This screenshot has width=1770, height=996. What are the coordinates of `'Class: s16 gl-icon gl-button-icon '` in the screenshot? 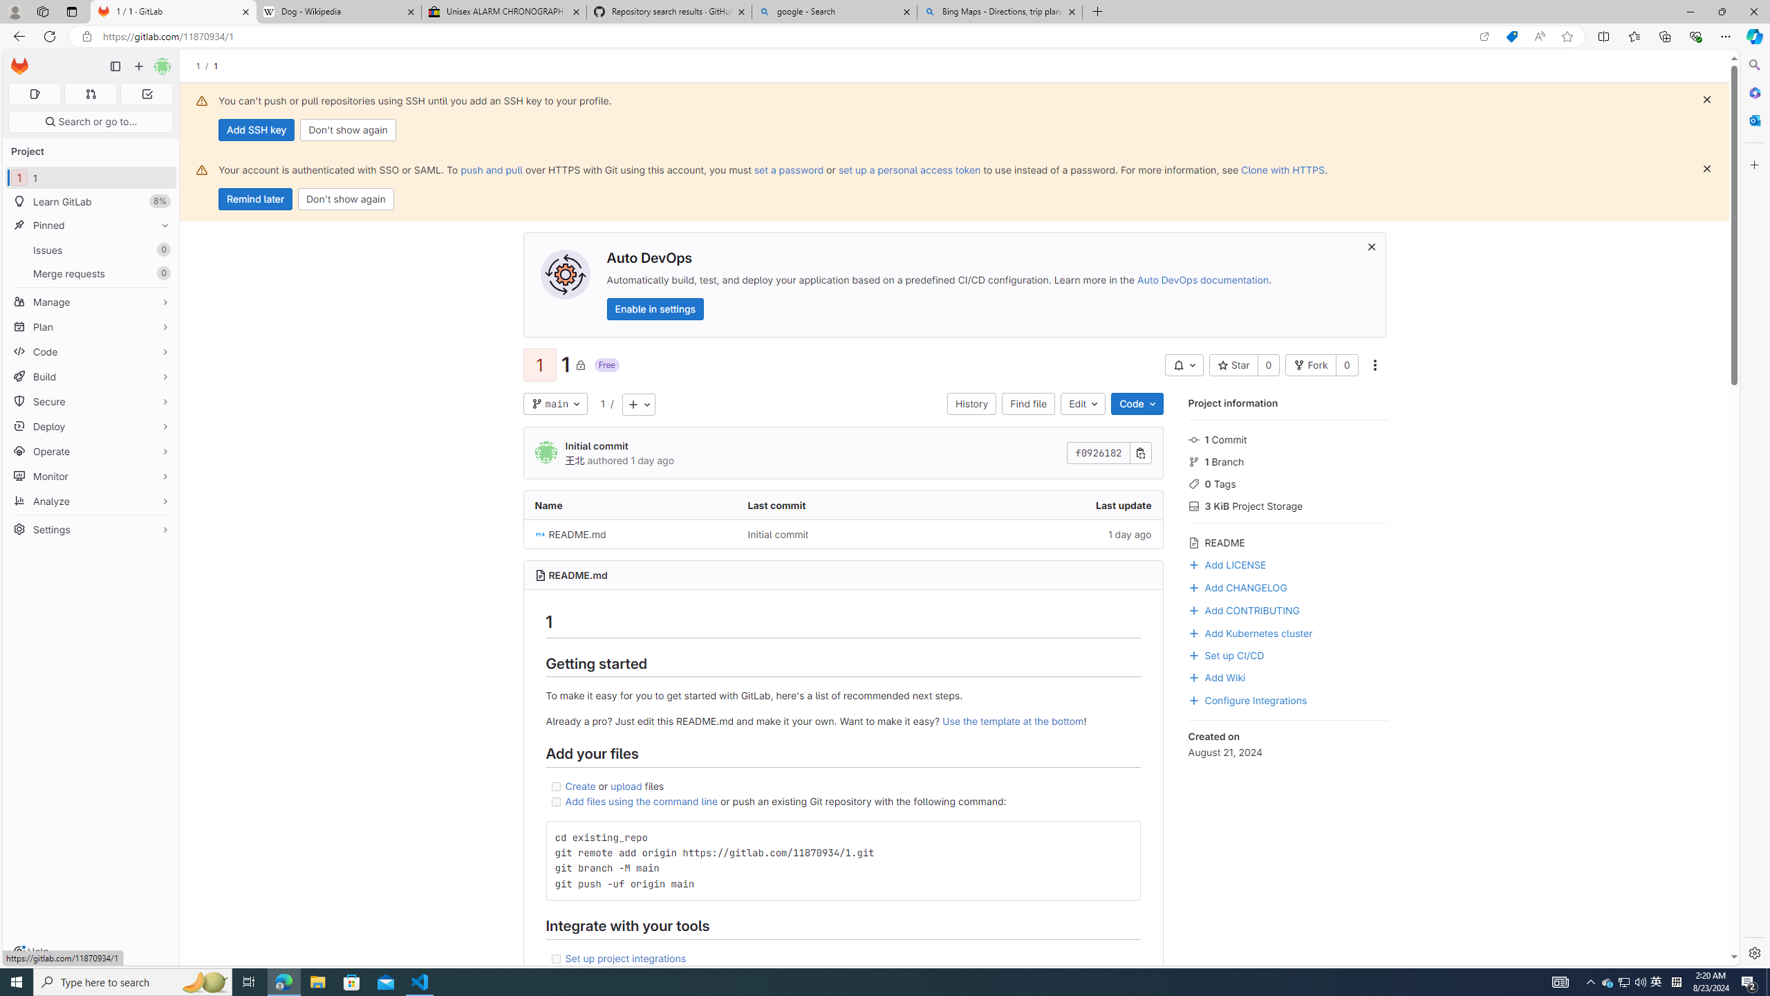 It's located at (1370, 246).